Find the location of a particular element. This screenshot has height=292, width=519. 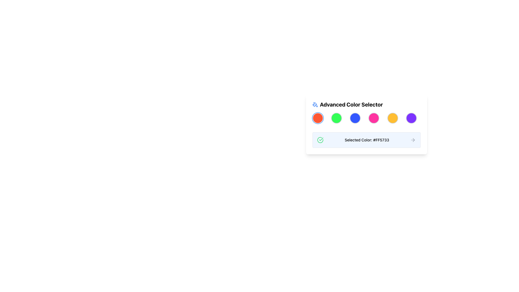

the green color selection button in the 'Advanced Color Selector' interface is located at coordinates (336, 118).